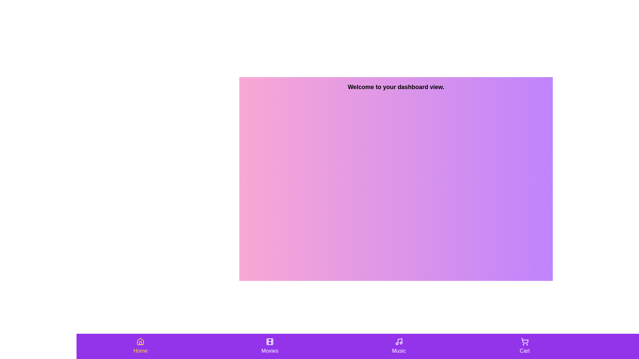  What do you see at coordinates (524, 346) in the screenshot?
I see `the Cart tab by clicking on its button` at bounding box center [524, 346].